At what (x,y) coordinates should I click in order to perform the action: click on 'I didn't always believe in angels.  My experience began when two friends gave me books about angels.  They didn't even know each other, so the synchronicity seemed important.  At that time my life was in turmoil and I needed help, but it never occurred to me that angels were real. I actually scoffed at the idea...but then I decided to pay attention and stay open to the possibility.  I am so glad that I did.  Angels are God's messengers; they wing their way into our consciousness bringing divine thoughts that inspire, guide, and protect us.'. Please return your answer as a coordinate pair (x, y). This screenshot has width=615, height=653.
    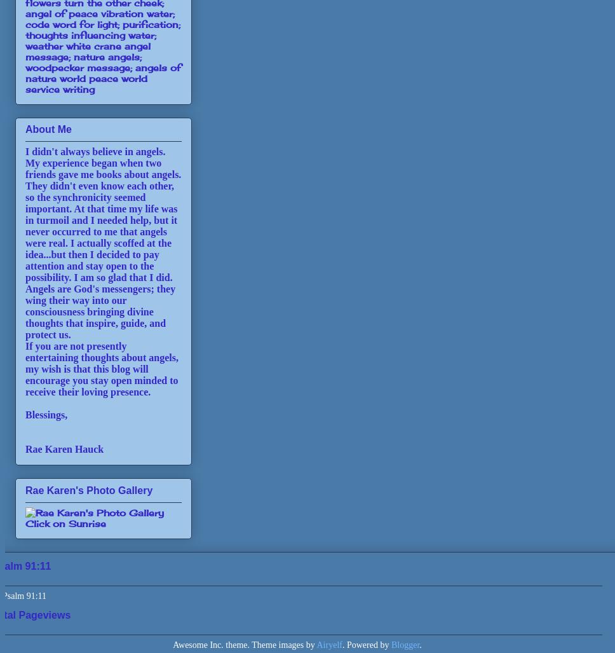
    Looking at the image, I should click on (103, 243).